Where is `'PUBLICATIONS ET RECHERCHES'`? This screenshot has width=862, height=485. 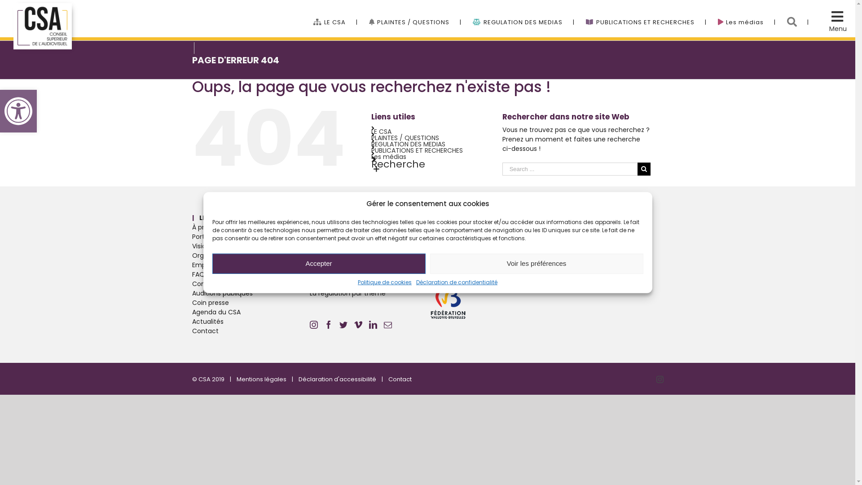 'PUBLICATIONS ET RECHERCHES' is located at coordinates (646, 13).